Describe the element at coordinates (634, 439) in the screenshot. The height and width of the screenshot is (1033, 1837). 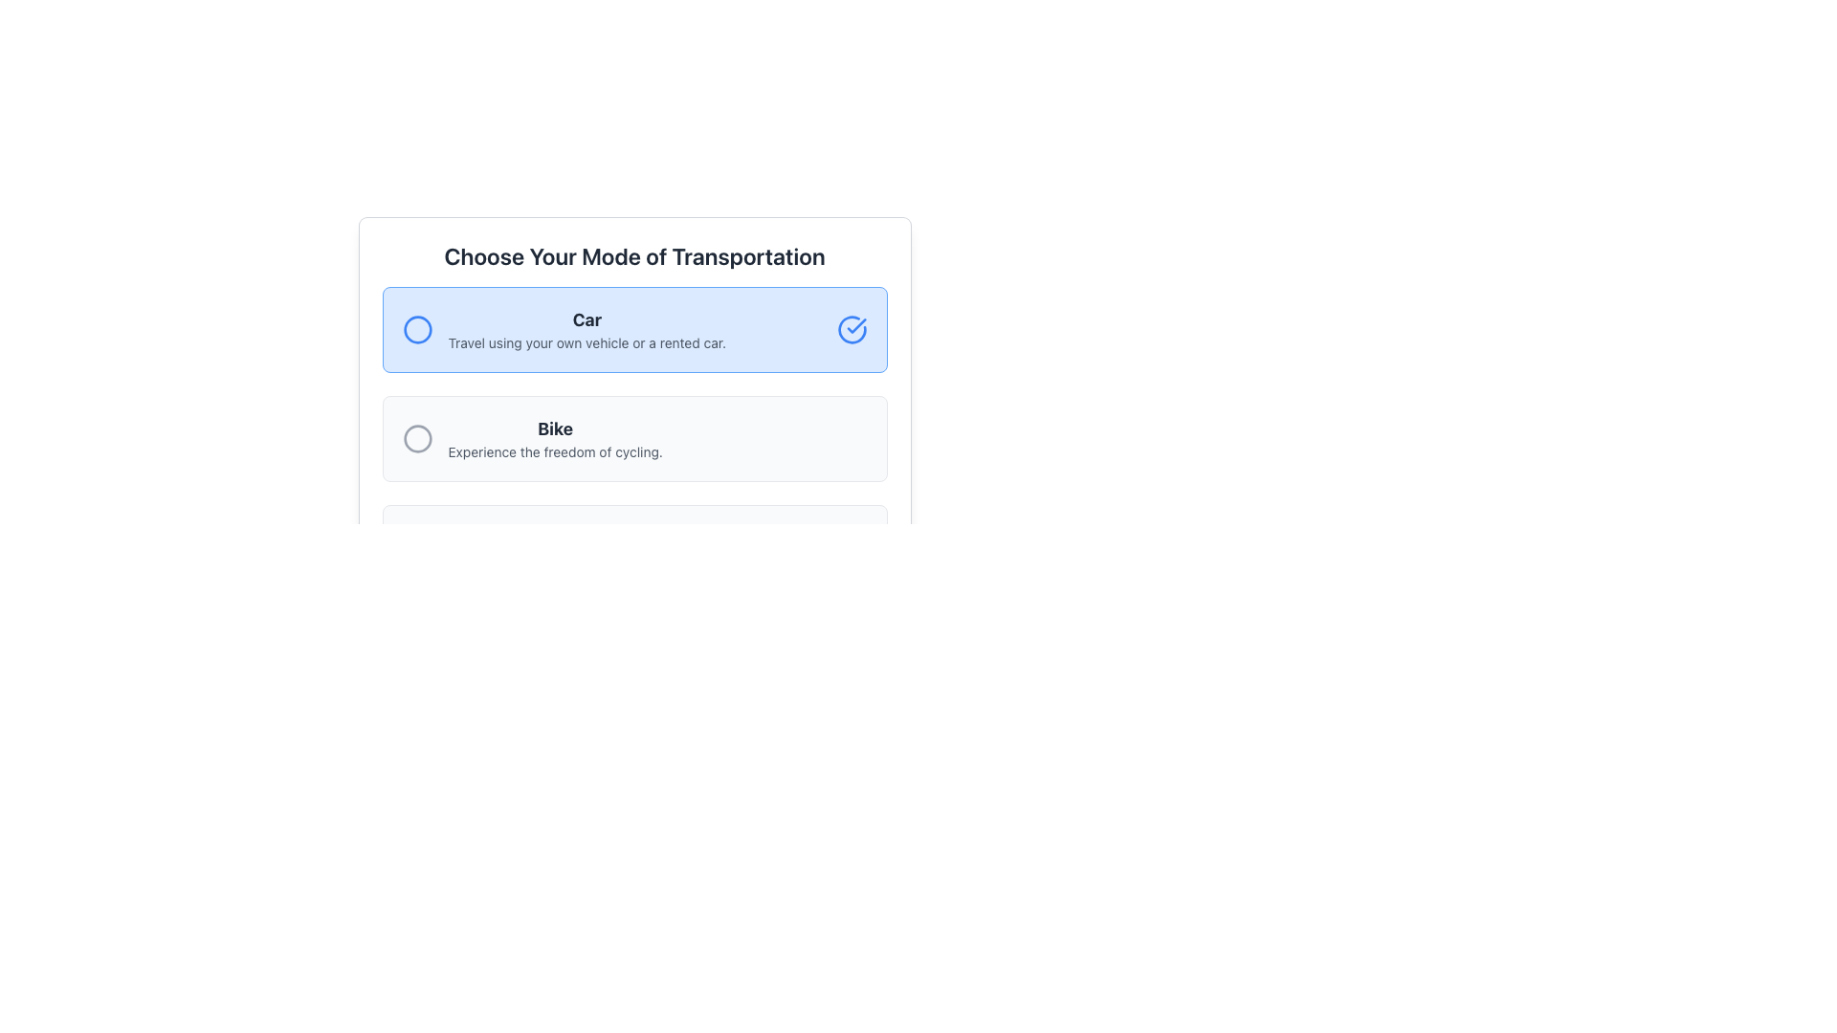
I see `the second selectable list item representing the 'Bike' mode of transportation, located between the 'Car' and 'Public Transport' options` at that location.